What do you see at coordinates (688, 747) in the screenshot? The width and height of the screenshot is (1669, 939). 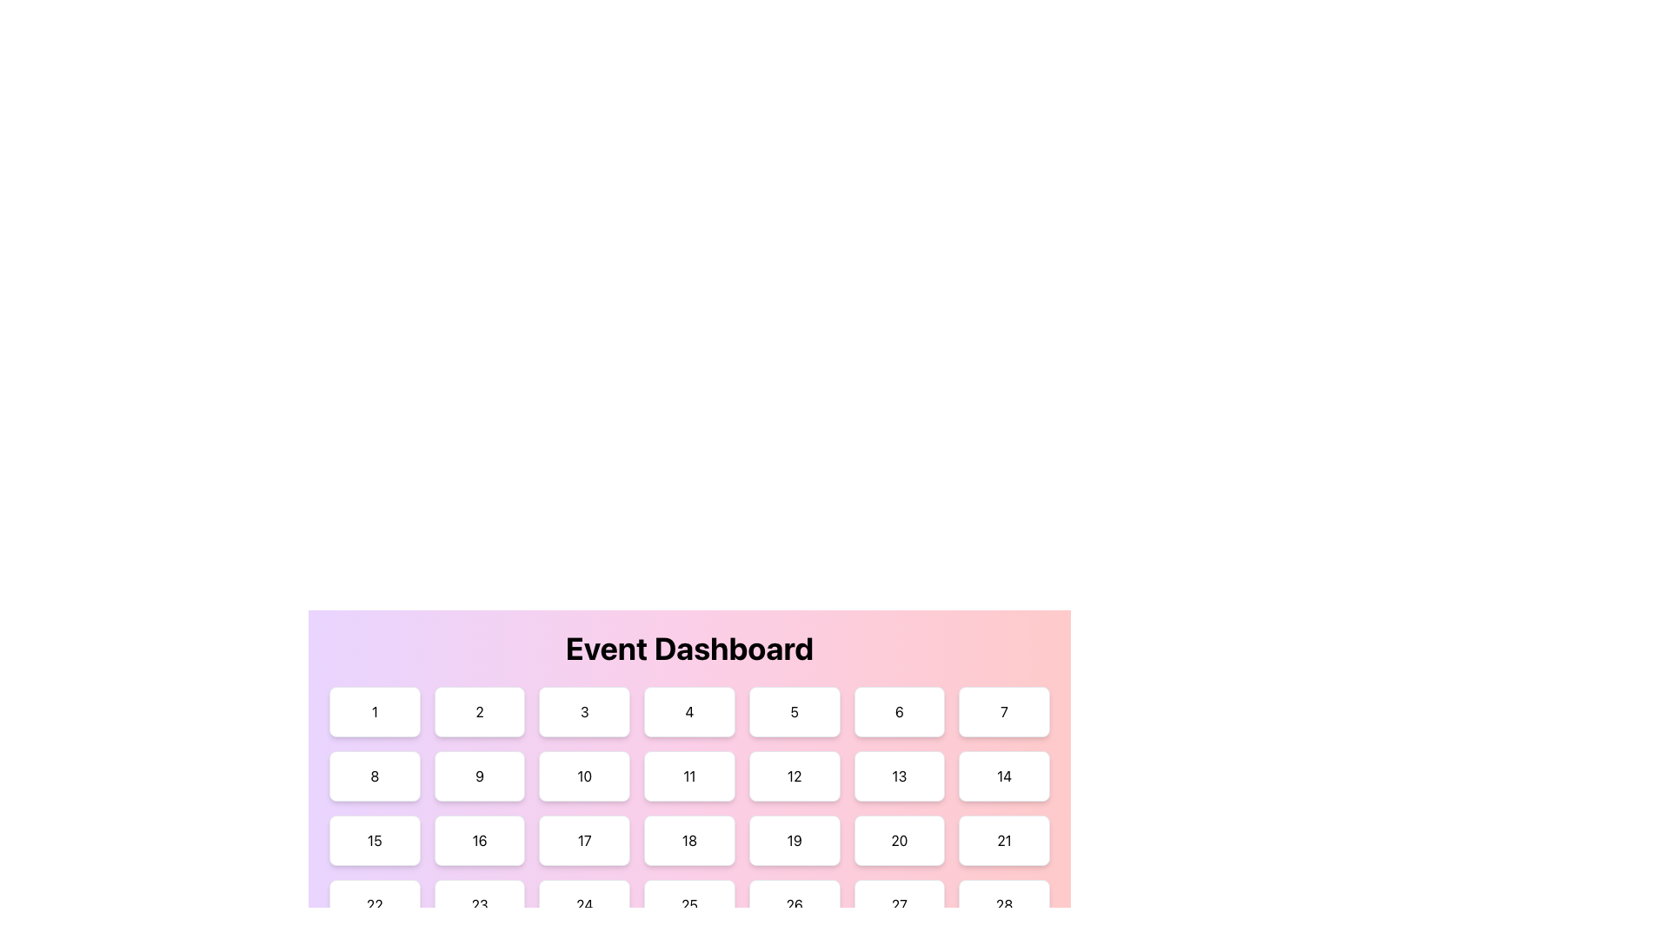 I see `the Interactive Datum Box located in the second row and fourth column of the Event Dashboard` at bounding box center [688, 747].